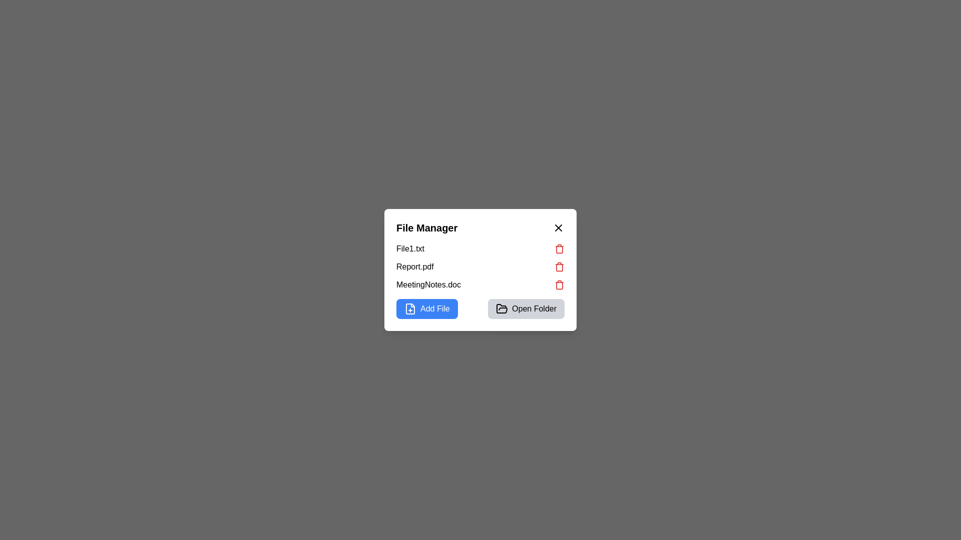  Describe the element at coordinates (428, 285) in the screenshot. I see `the text label for 'MeetingNotes.doc'` at that location.